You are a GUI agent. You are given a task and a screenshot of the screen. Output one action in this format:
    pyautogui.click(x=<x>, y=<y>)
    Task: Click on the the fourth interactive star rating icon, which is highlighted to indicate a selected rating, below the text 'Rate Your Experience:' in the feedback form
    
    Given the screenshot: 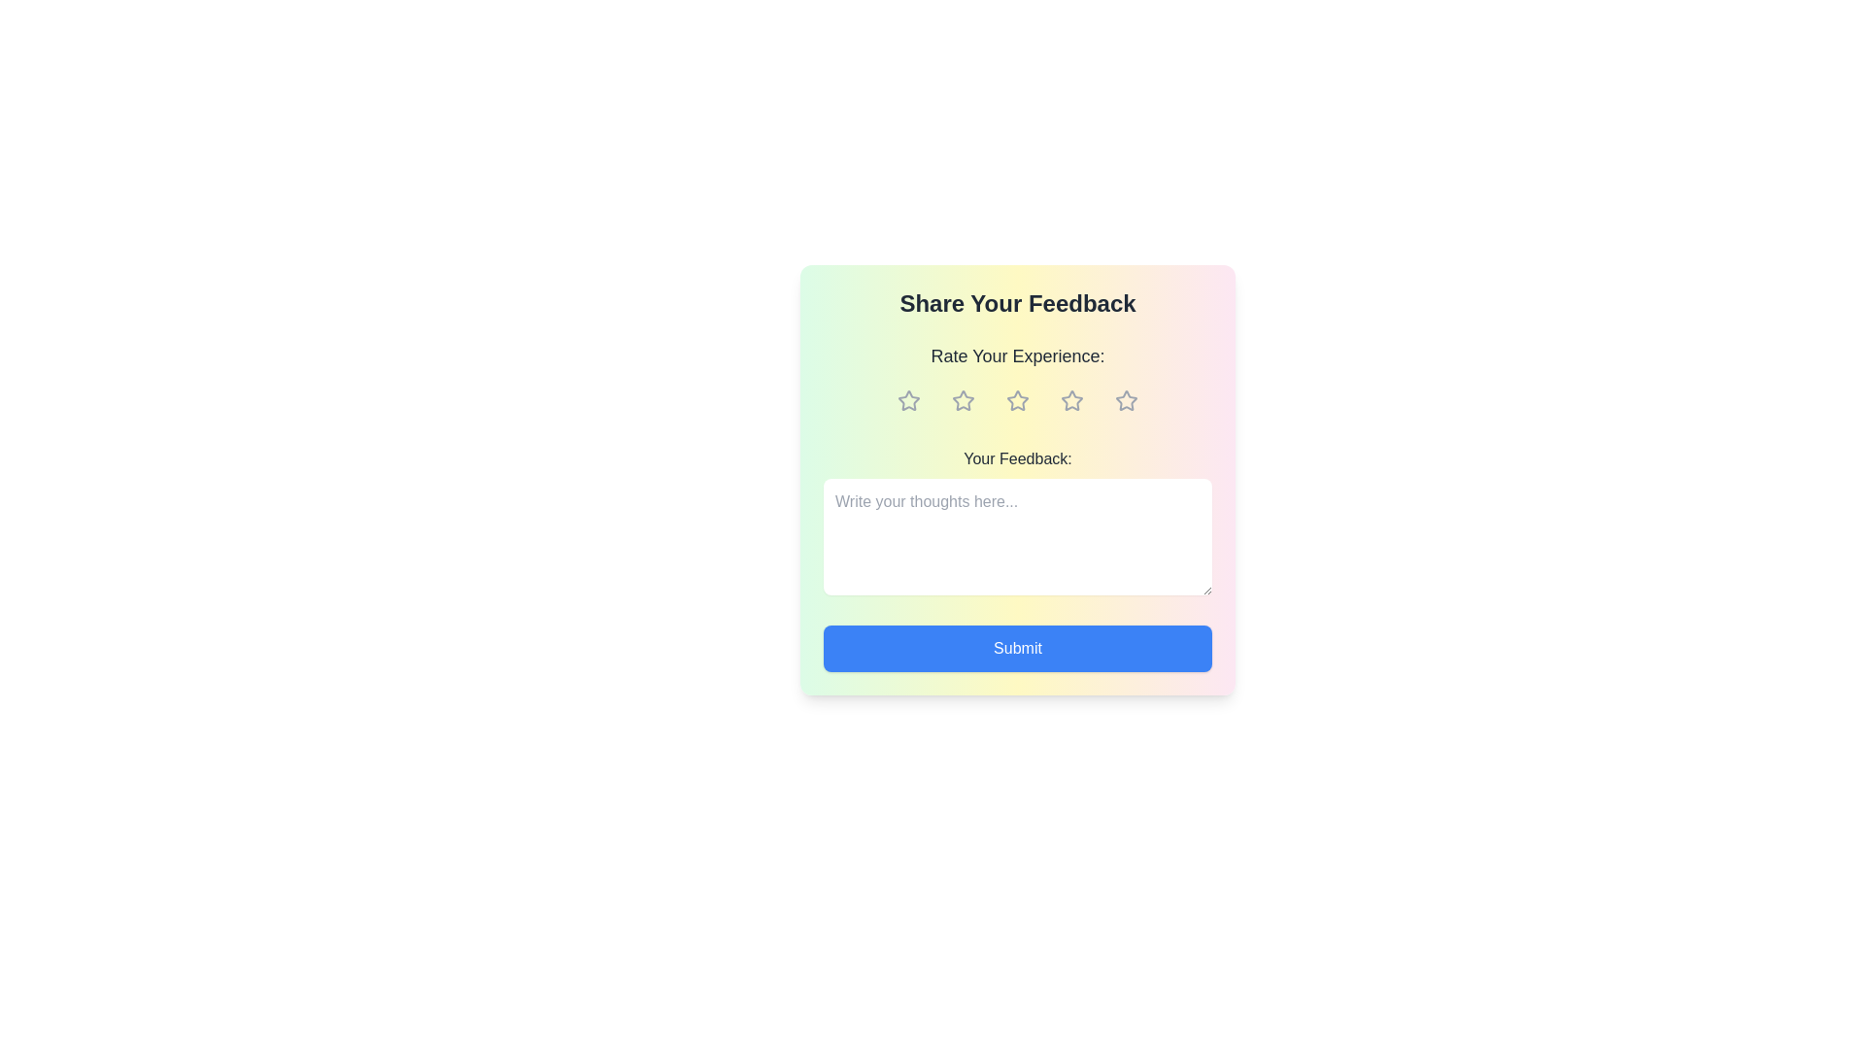 What is the action you would take?
    pyautogui.click(x=1071, y=399)
    